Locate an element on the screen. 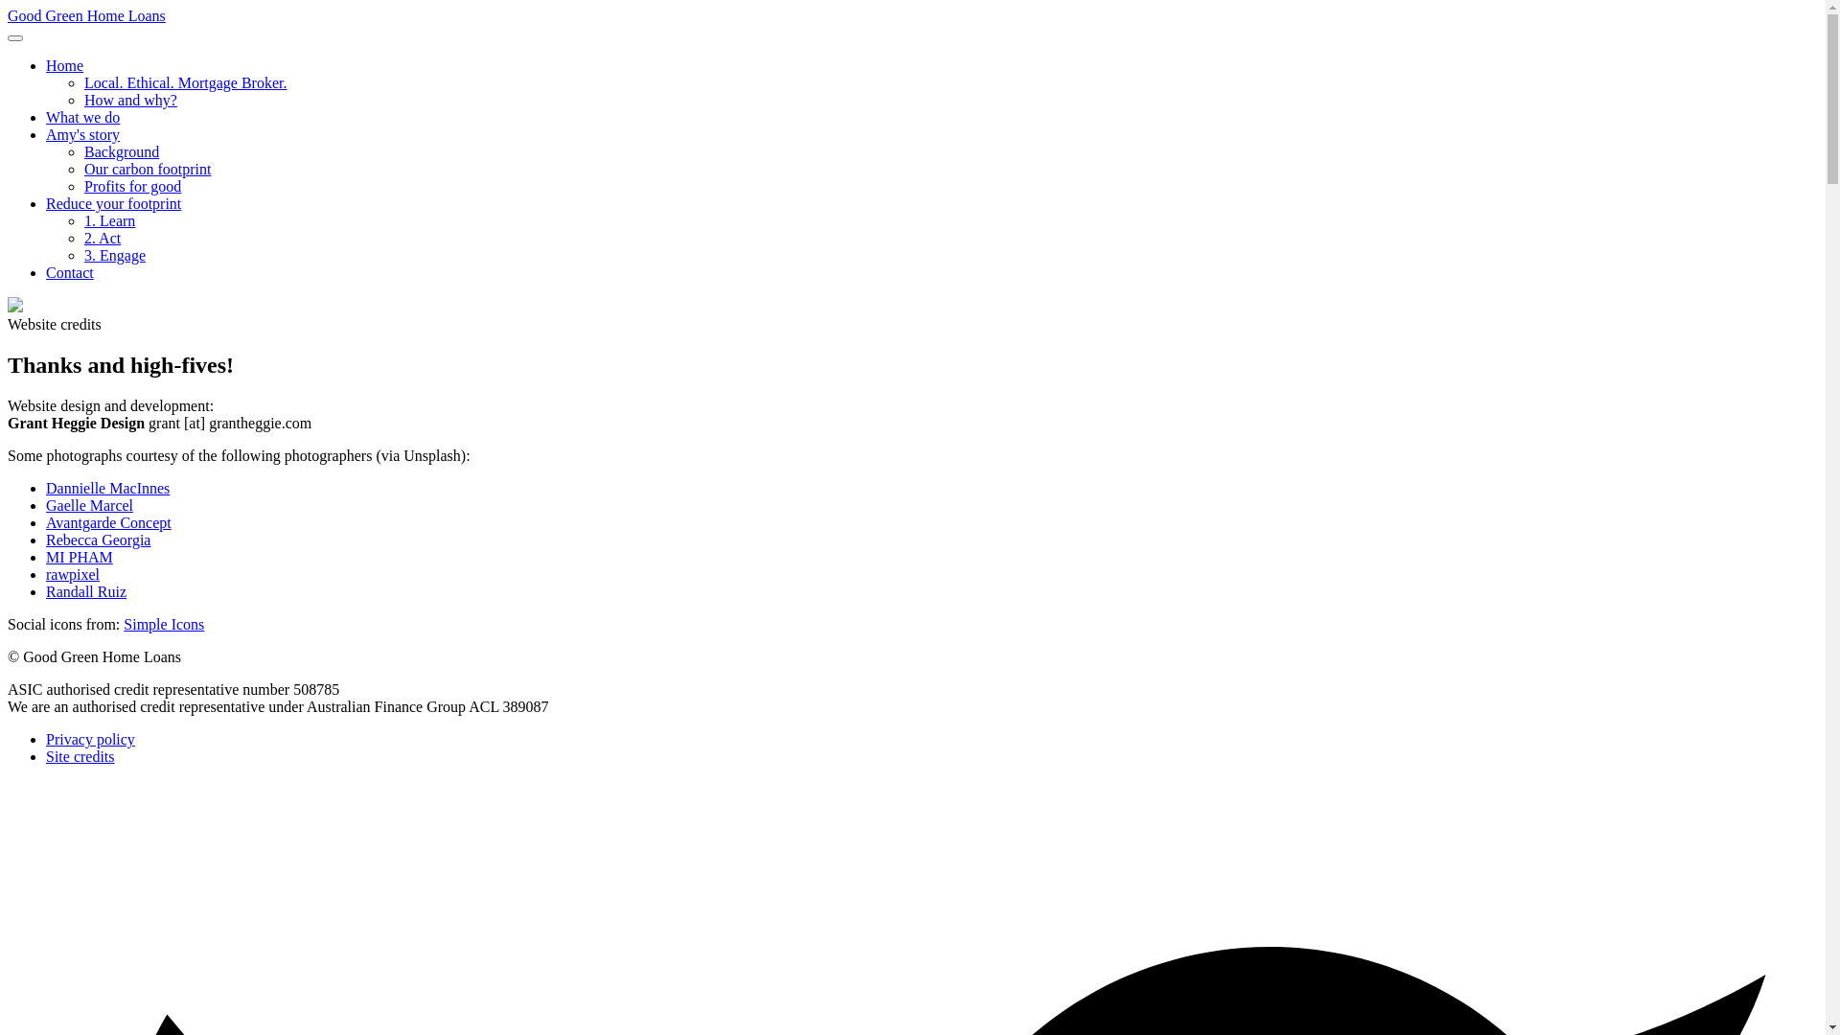  'Background' is located at coordinates (82, 150).